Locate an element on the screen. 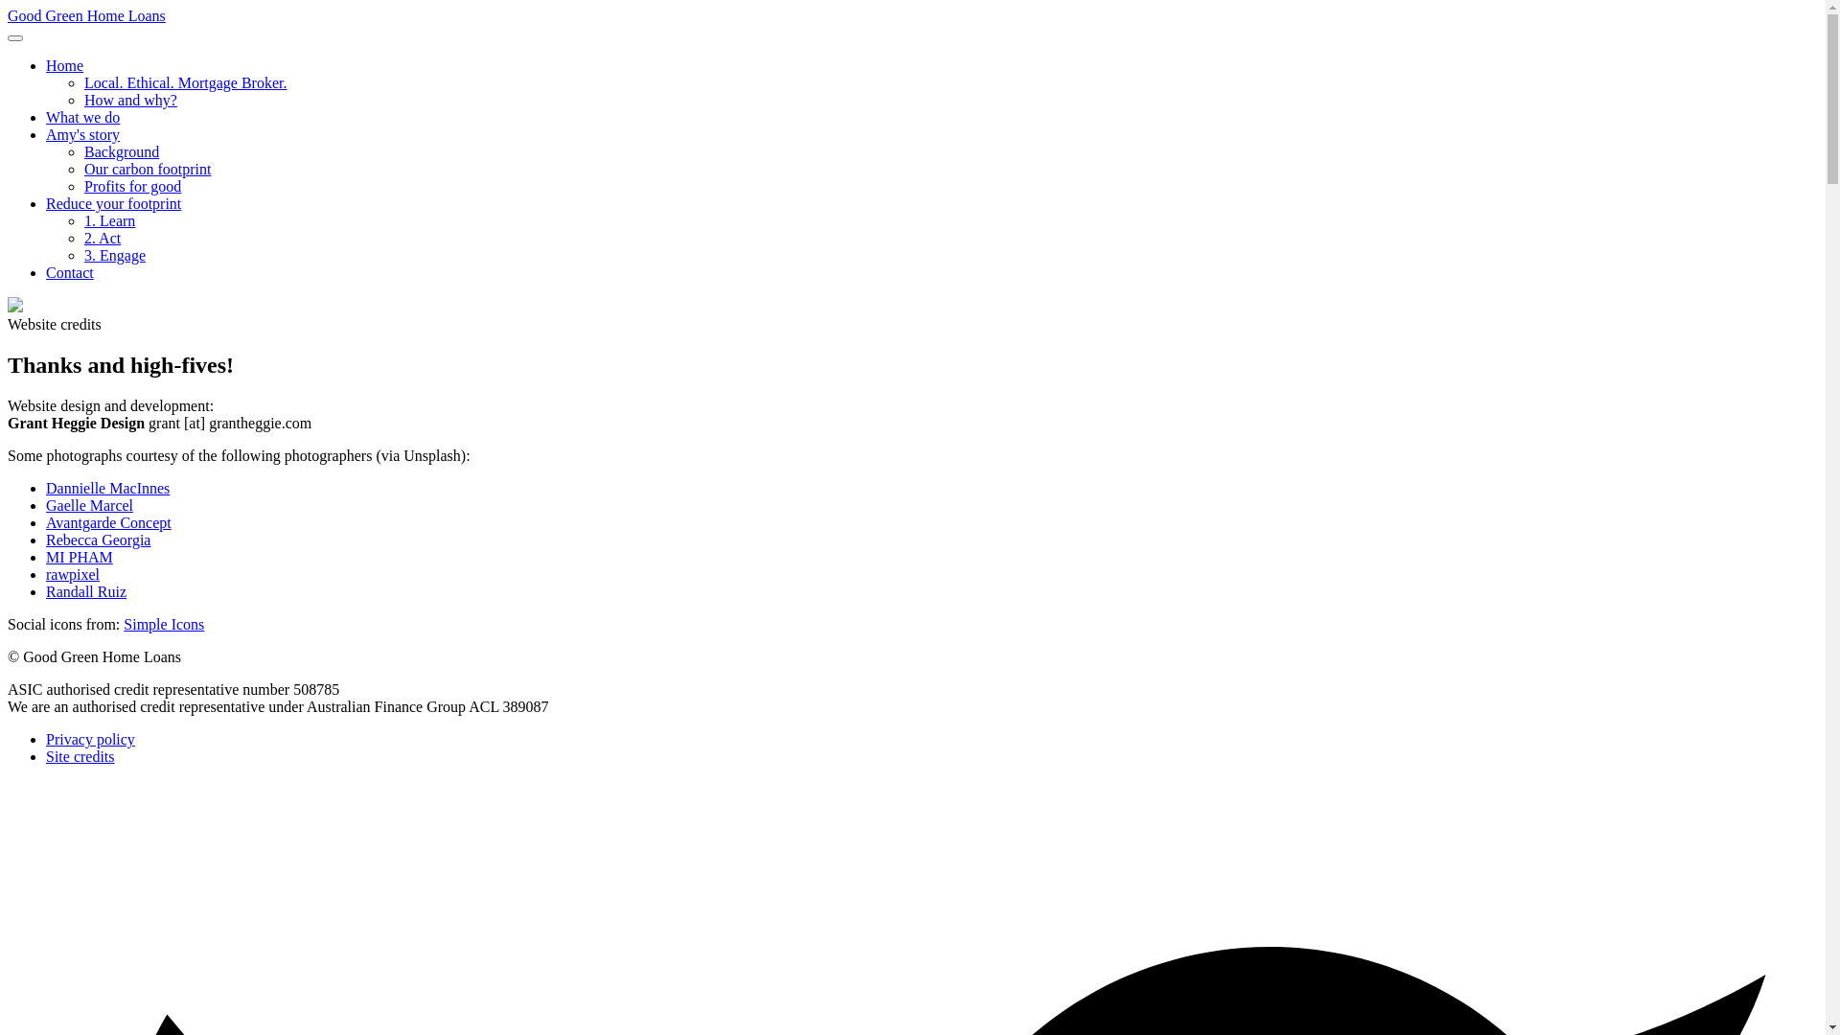  'Background' is located at coordinates (82, 150).